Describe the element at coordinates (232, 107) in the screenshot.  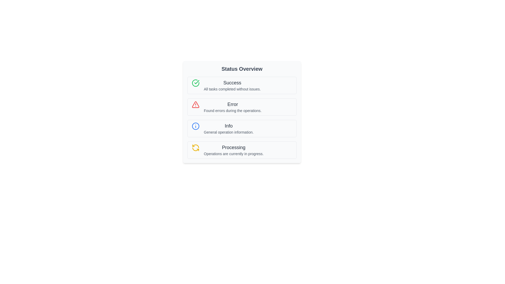
I see `the error message text label that displays error notifications, located in the second row of a vertical list, centrally aligned between the 'Success' and 'Info' elements` at that location.